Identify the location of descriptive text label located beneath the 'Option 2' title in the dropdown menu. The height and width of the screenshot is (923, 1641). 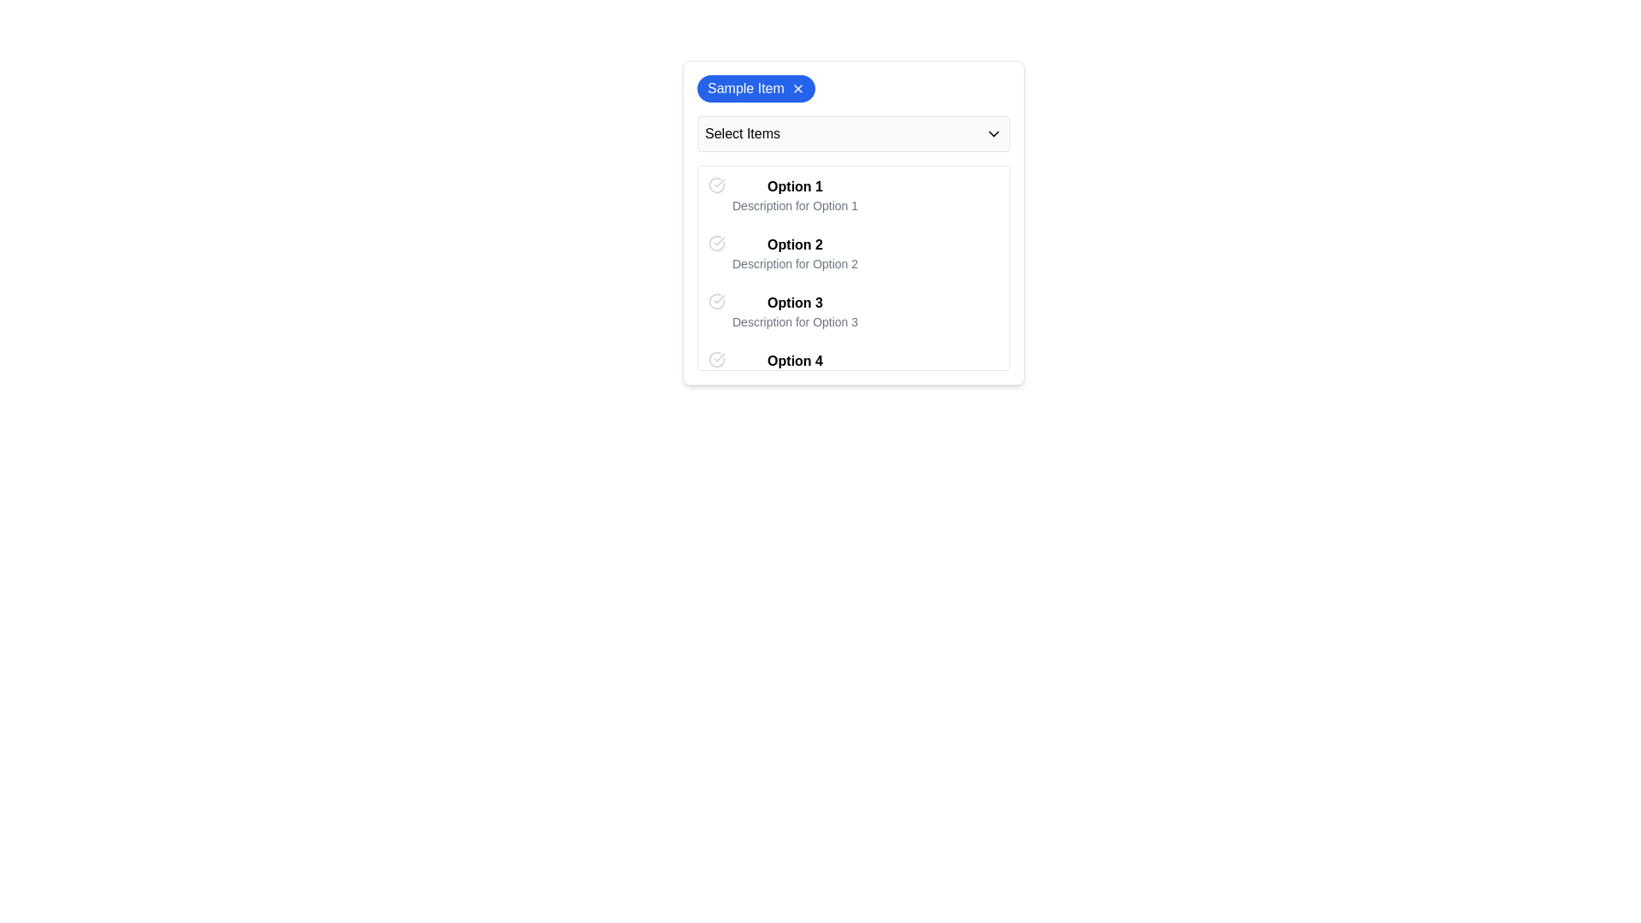
(794, 263).